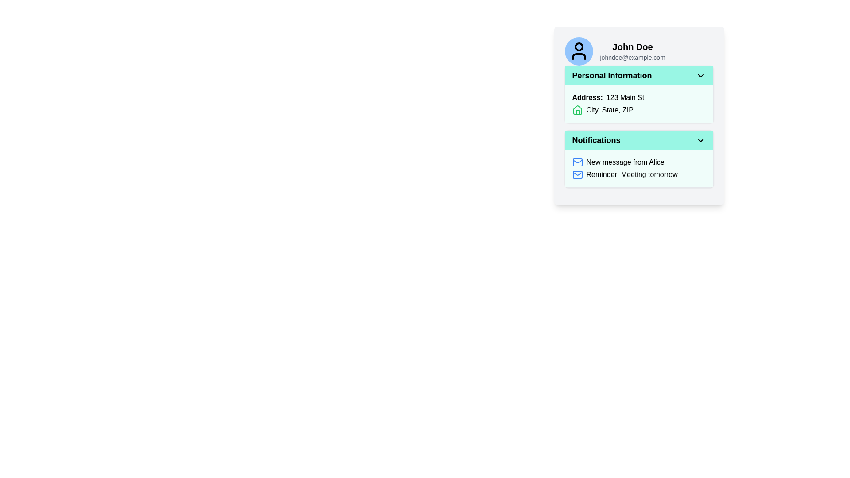  I want to click on the static text display element that shows the user's email address, located below the 'John Doe' name text and near the user profile image icon, so click(632, 58).